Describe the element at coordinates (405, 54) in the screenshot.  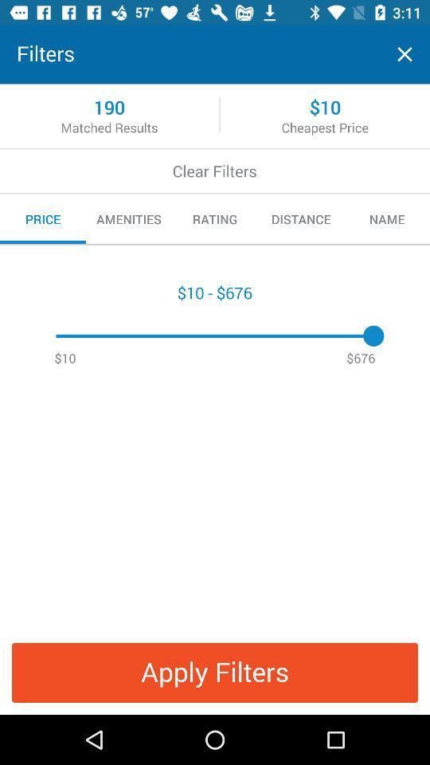
I see `the item next to filters item` at that location.